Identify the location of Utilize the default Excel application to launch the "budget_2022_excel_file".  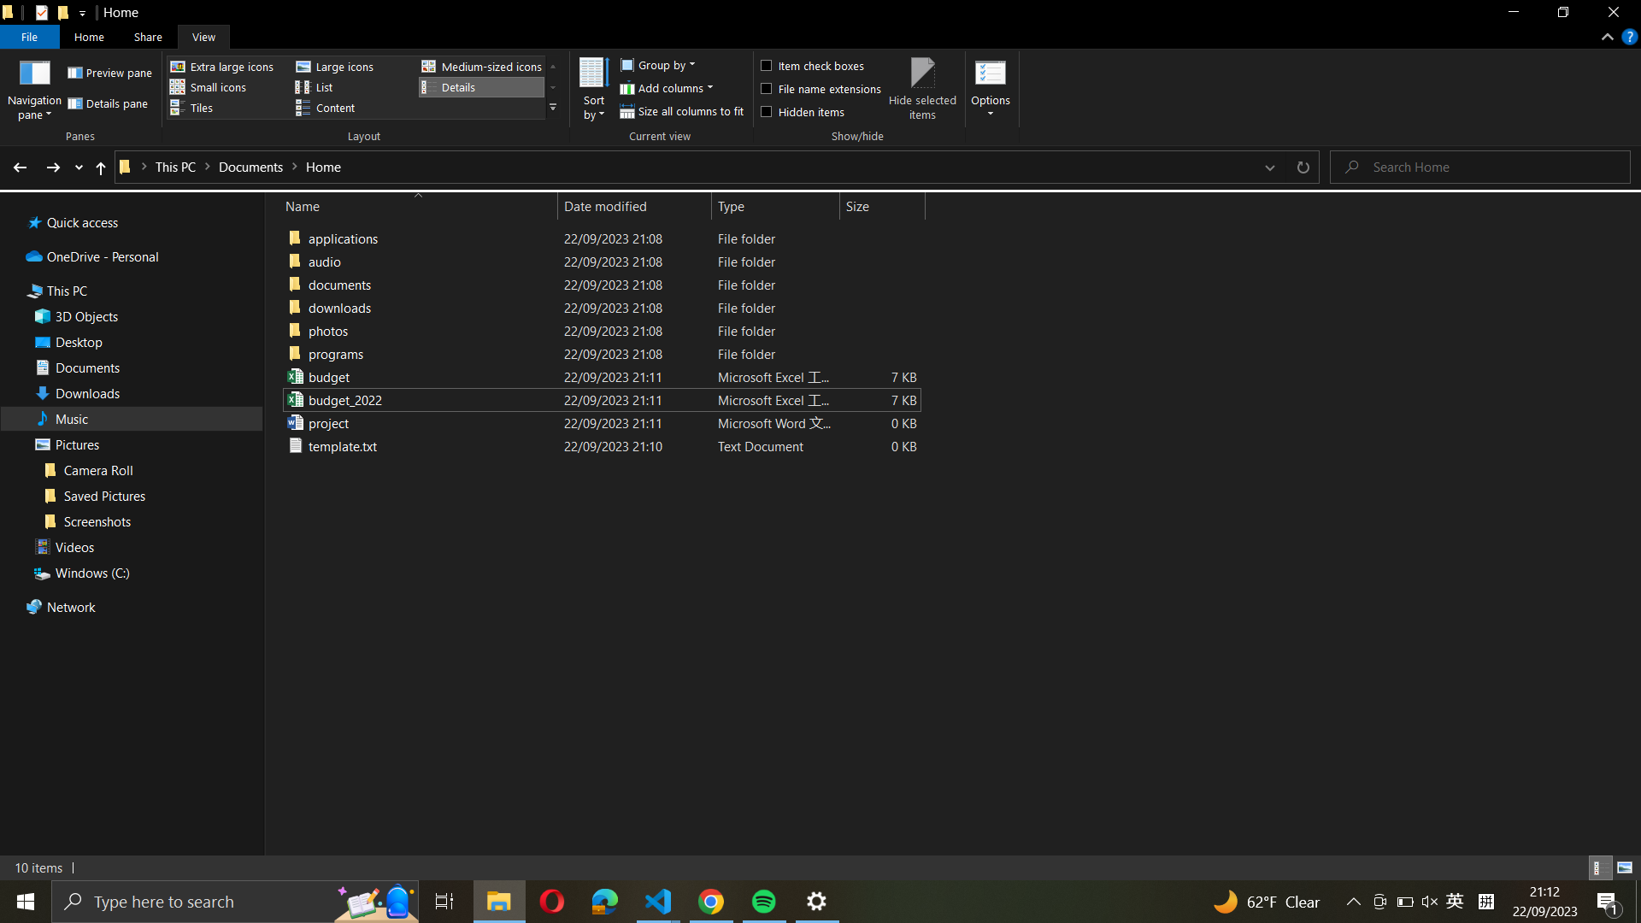
(598, 399).